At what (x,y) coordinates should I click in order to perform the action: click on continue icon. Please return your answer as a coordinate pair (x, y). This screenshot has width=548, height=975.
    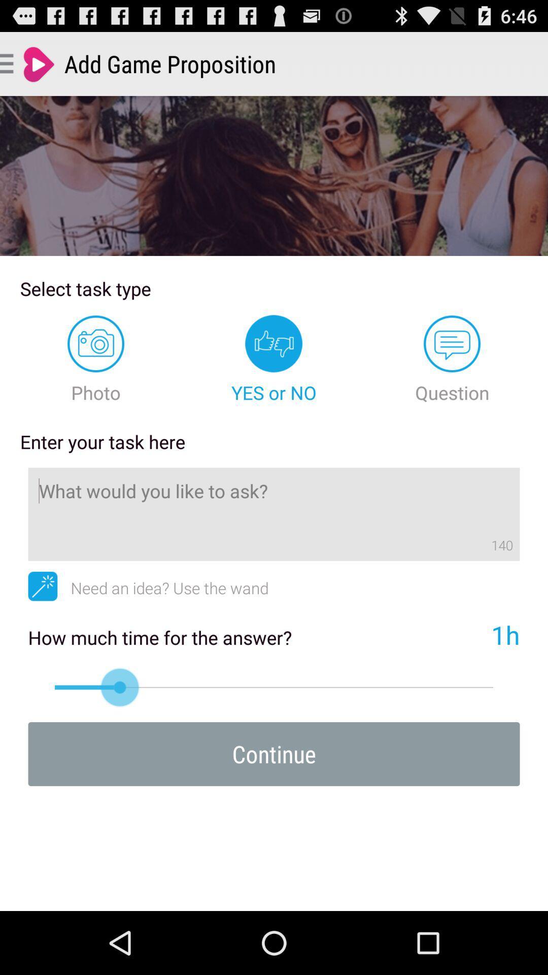
    Looking at the image, I should click on (274, 754).